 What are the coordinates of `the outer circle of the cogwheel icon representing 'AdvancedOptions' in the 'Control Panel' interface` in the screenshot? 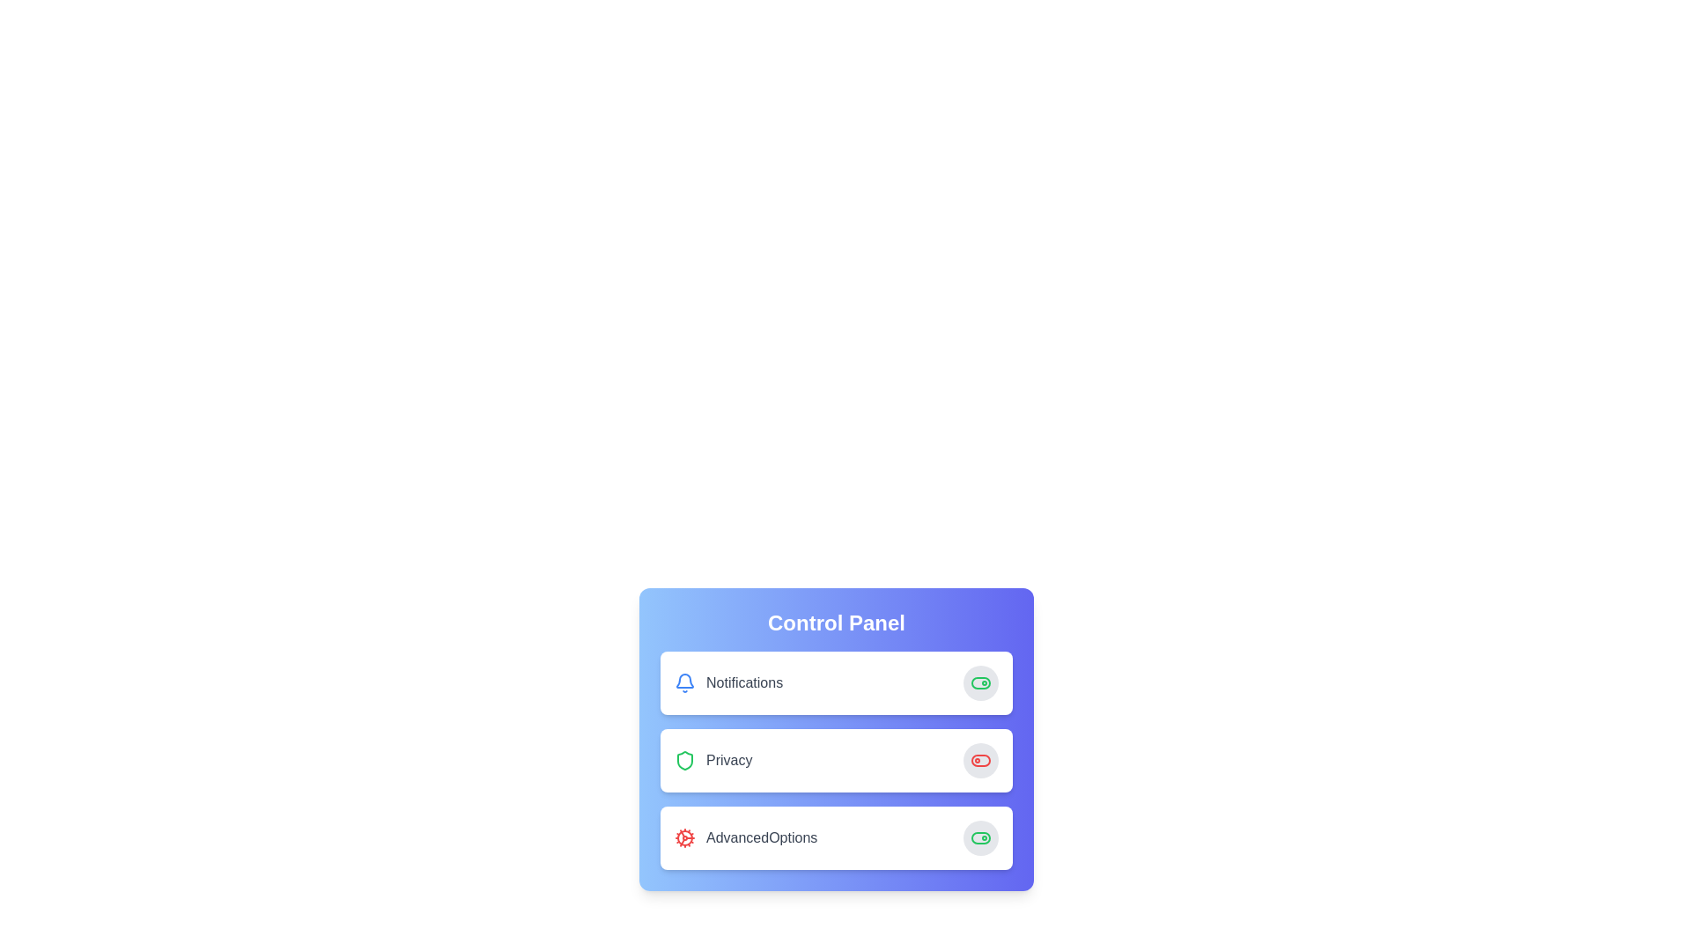 It's located at (683, 837).